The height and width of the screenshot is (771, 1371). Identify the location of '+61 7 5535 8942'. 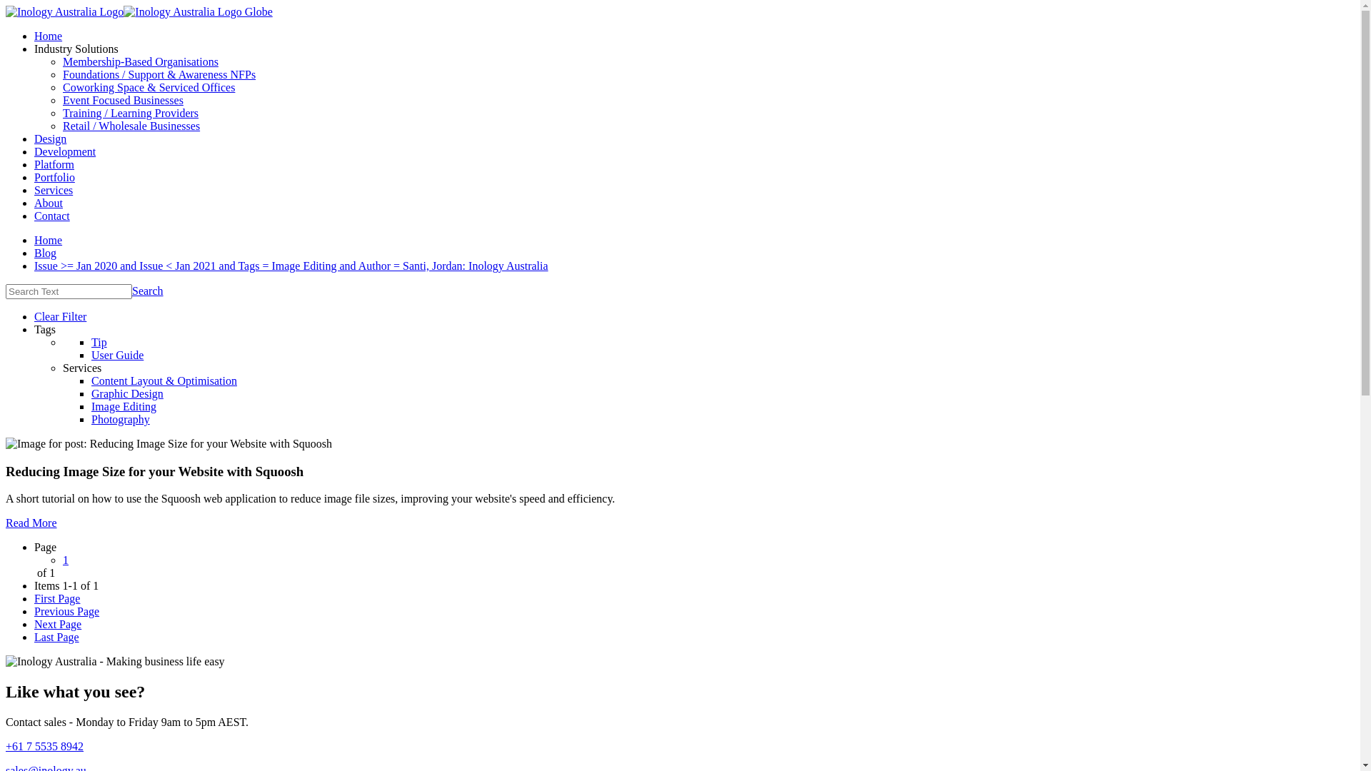
(44, 745).